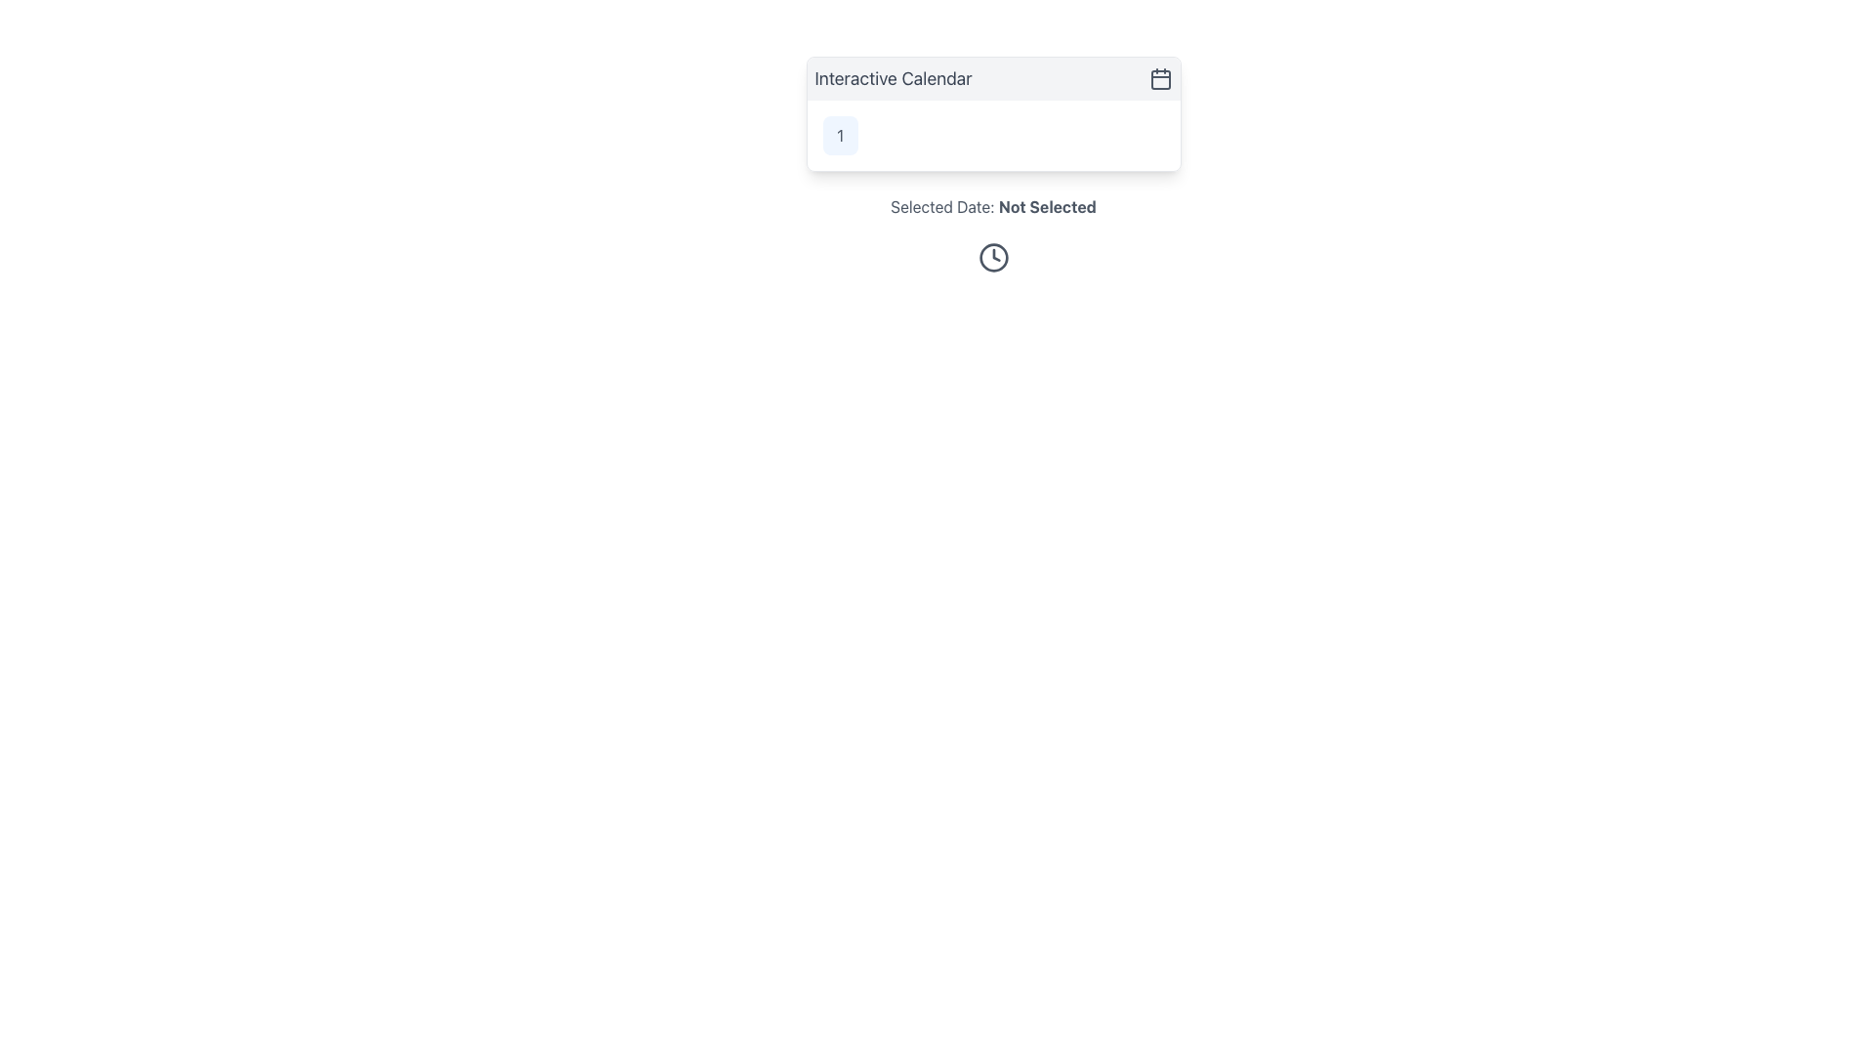  Describe the element at coordinates (840, 134) in the screenshot. I see `the first button in the grid layout of the 'Interactive Calendar'` at that location.